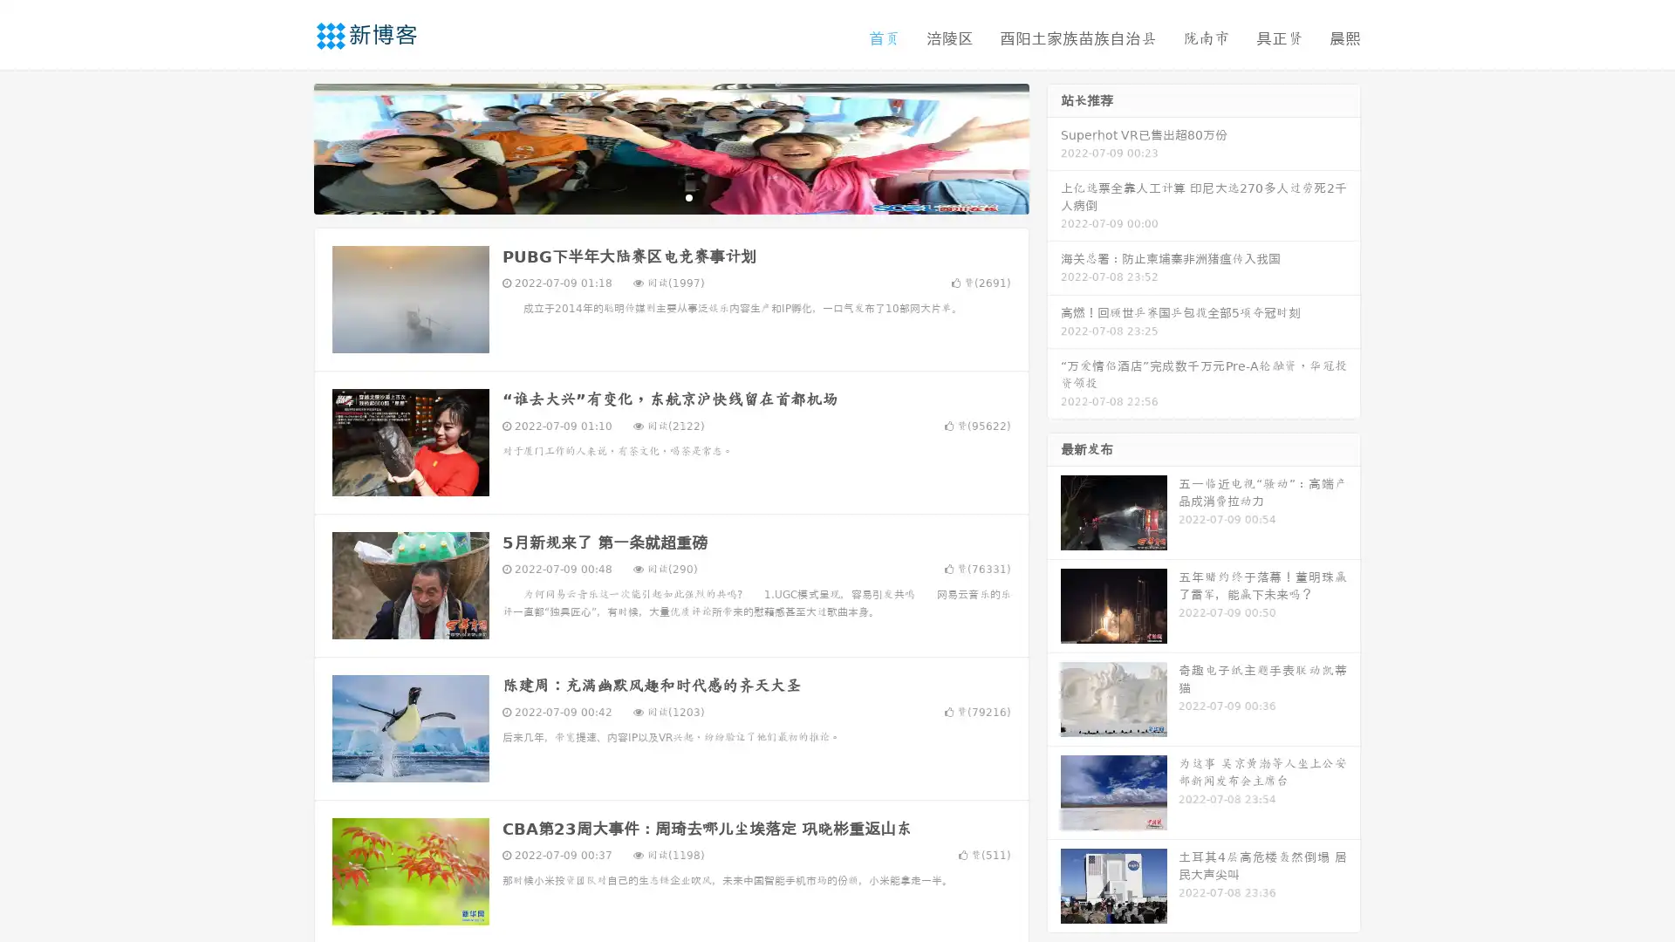 The width and height of the screenshot is (1675, 942). Describe the element at coordinates (1054, 147) in the screenshot. I see `Next slide` at that location.